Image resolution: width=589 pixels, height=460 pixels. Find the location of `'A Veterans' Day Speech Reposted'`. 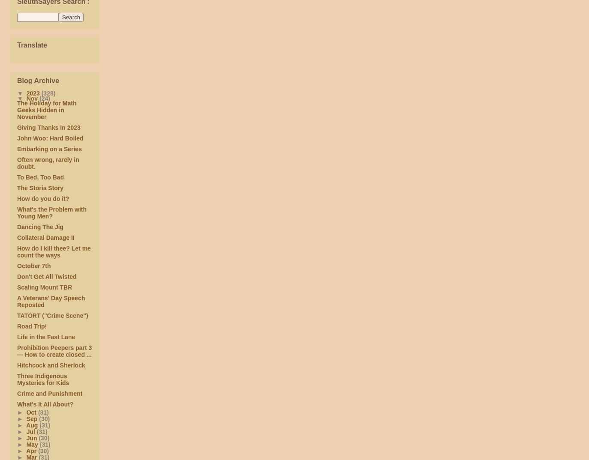

'A Veterans' Day Speech Reposted' is located at coordinates (50, 302).